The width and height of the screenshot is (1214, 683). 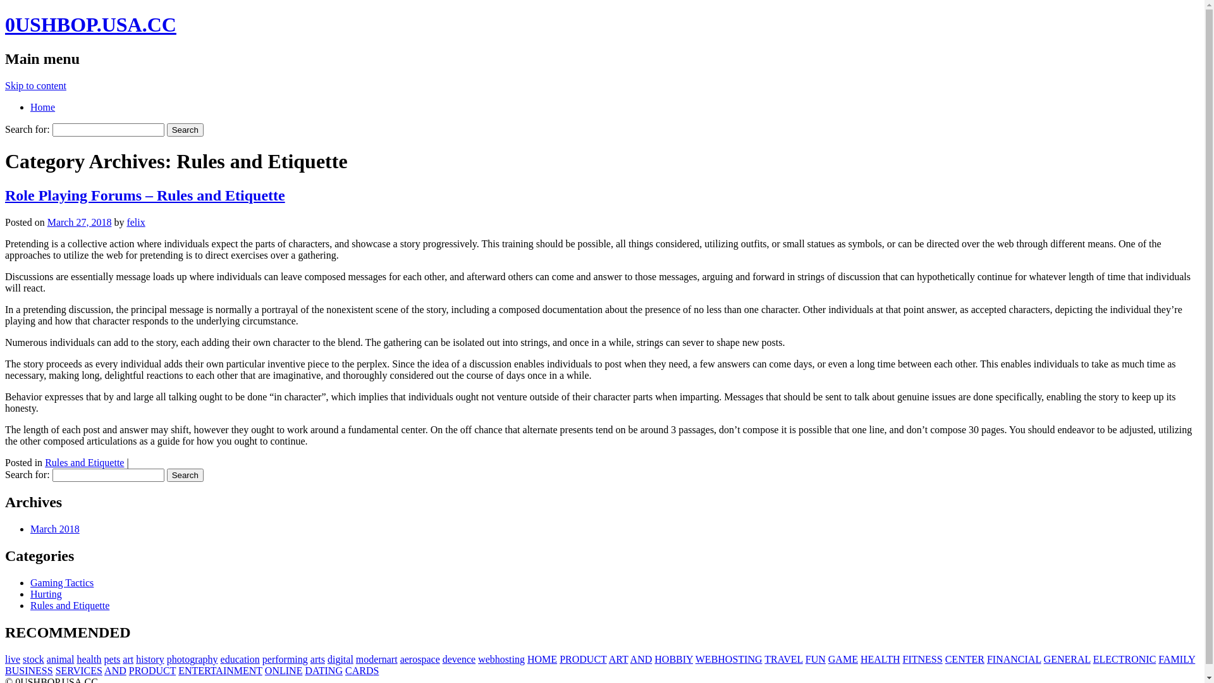 What do you see at coordinates (21, 670) in the screenshot?
I see `'S'` at bounding box center [21, 670].